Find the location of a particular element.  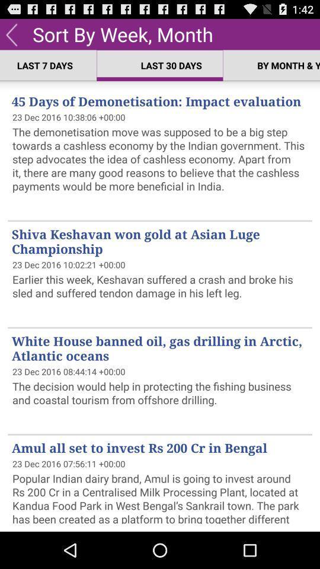

go back is located at coordinates (11, 33).